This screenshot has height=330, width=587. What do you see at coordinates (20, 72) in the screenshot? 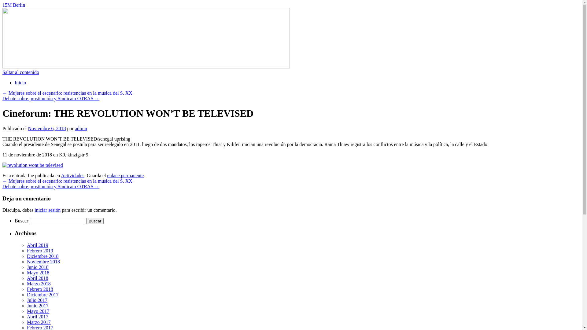
I see `'Saltar al contenido'` at bounding box center [20, 72].